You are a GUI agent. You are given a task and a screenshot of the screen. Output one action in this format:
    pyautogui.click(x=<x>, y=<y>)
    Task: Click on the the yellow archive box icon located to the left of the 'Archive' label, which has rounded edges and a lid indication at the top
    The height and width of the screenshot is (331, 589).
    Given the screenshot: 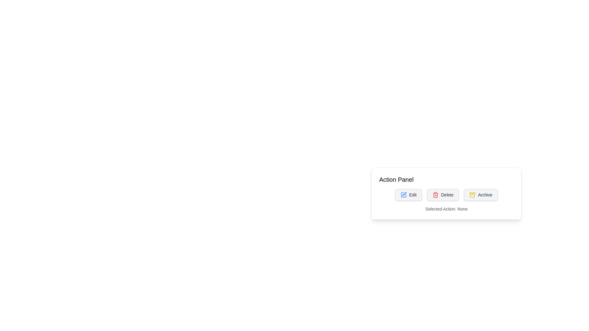 What is the action you would take?
    pyautogui.click(x=472, y=195)
    